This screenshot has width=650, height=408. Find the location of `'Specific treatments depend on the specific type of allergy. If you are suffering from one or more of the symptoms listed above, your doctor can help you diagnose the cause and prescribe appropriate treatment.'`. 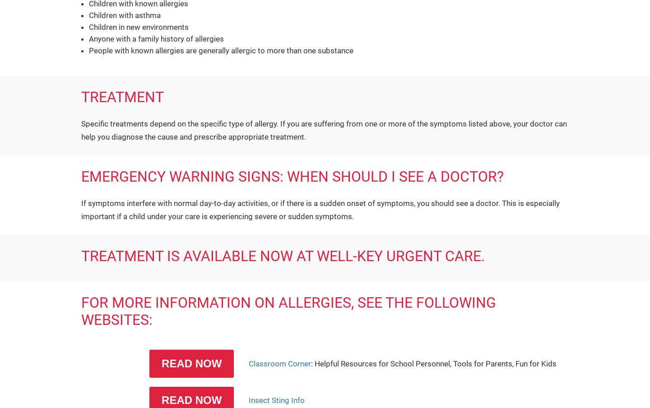

'Specific treatments depend on the specific type of allergy. If you are suffering from one or more of the symptoms listed above, your doctor can help you diagnose the cause and prescribe appropriate treatment.' is located at coordinates (324, 129).